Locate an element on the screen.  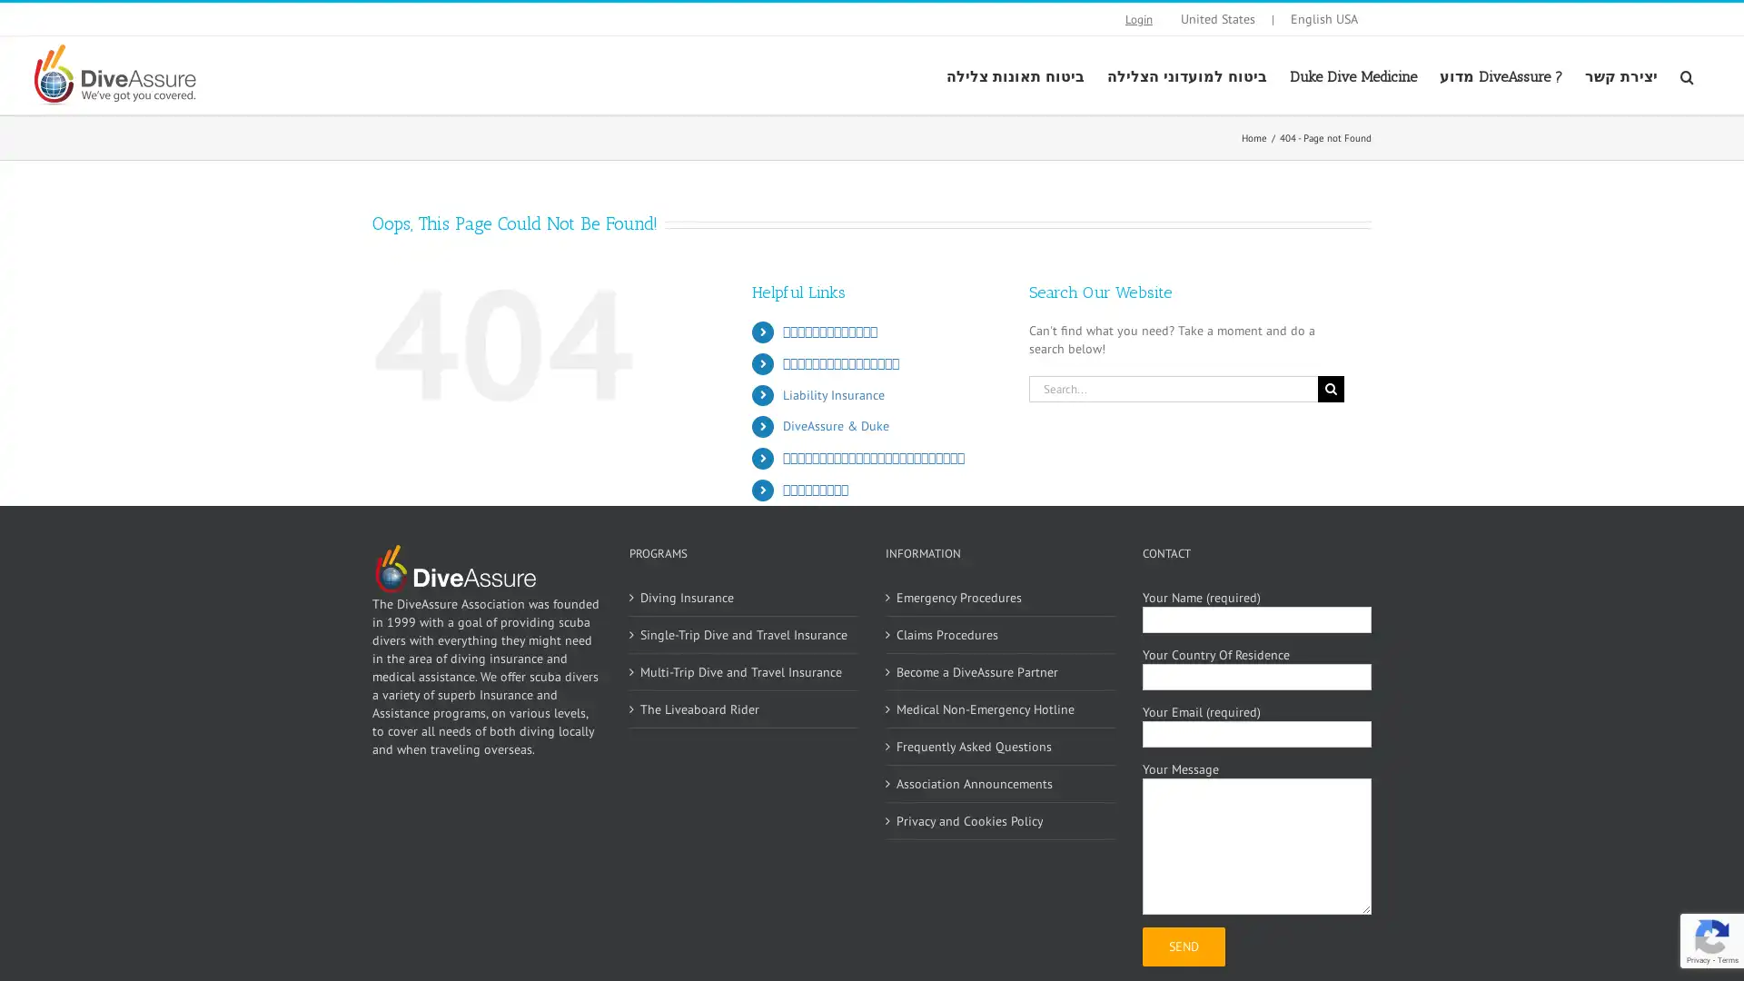
Send is located at coordinates (1183, 945).